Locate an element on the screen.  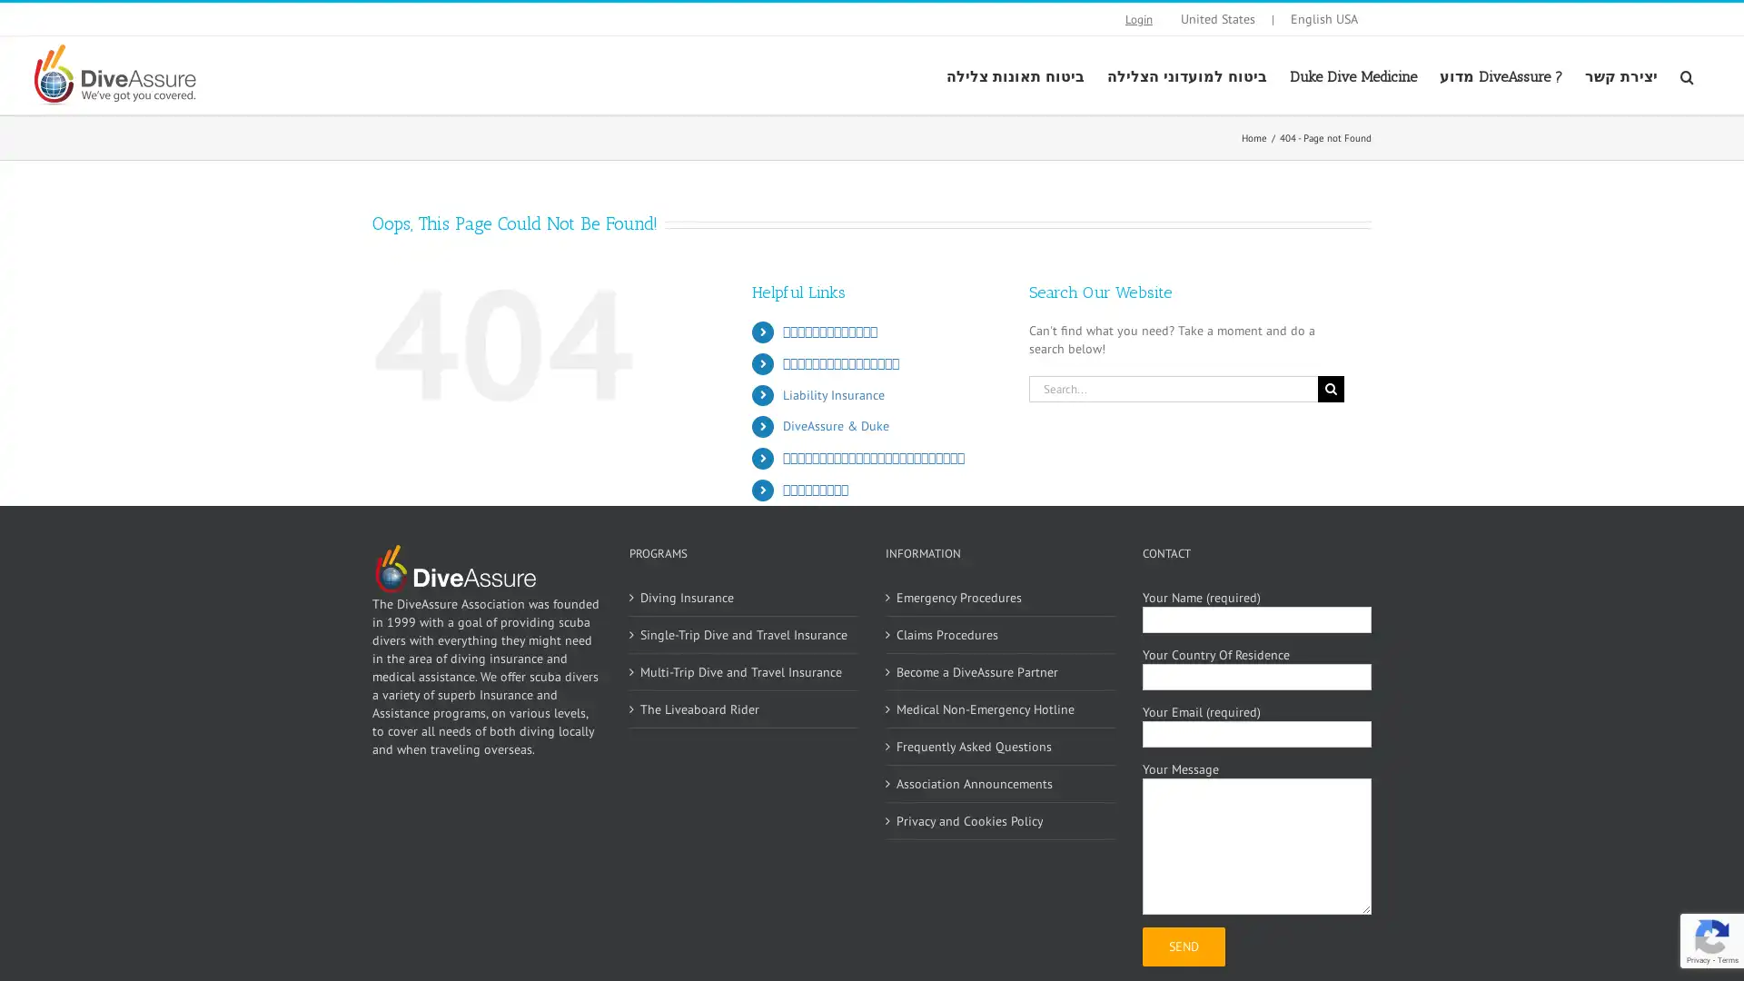
Send is located at coordinates (1183, 945).